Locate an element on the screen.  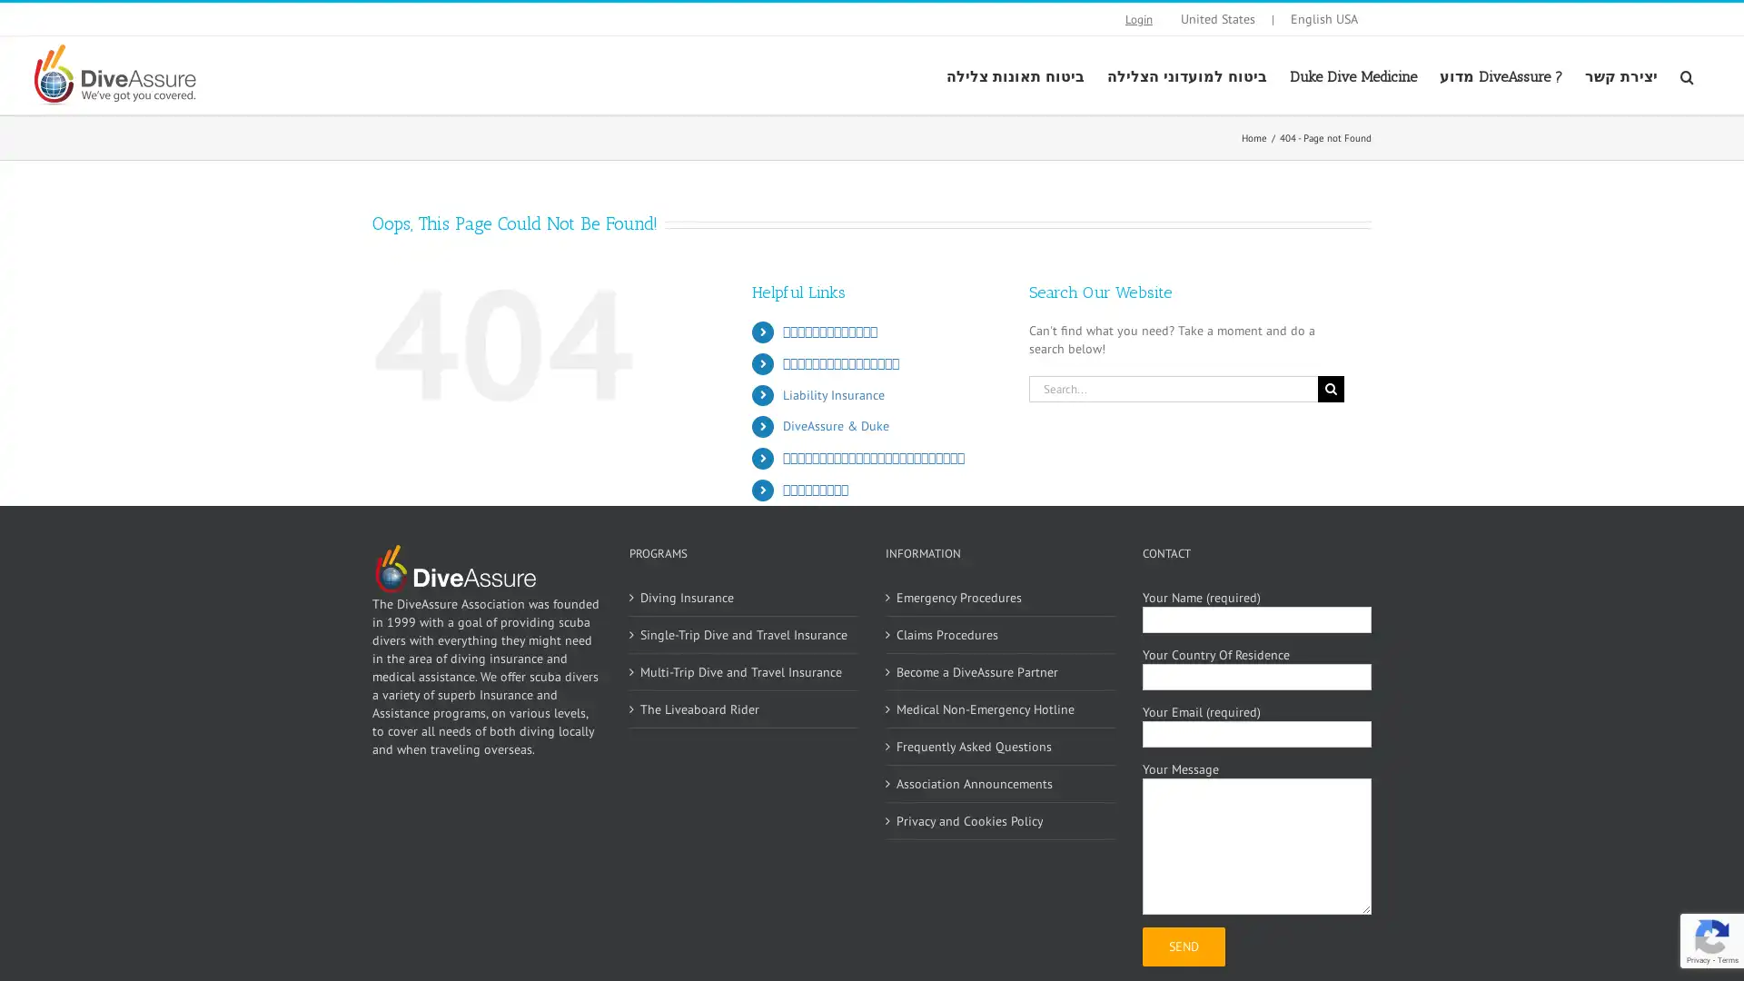
Send is located at coordinates (1183, 945).